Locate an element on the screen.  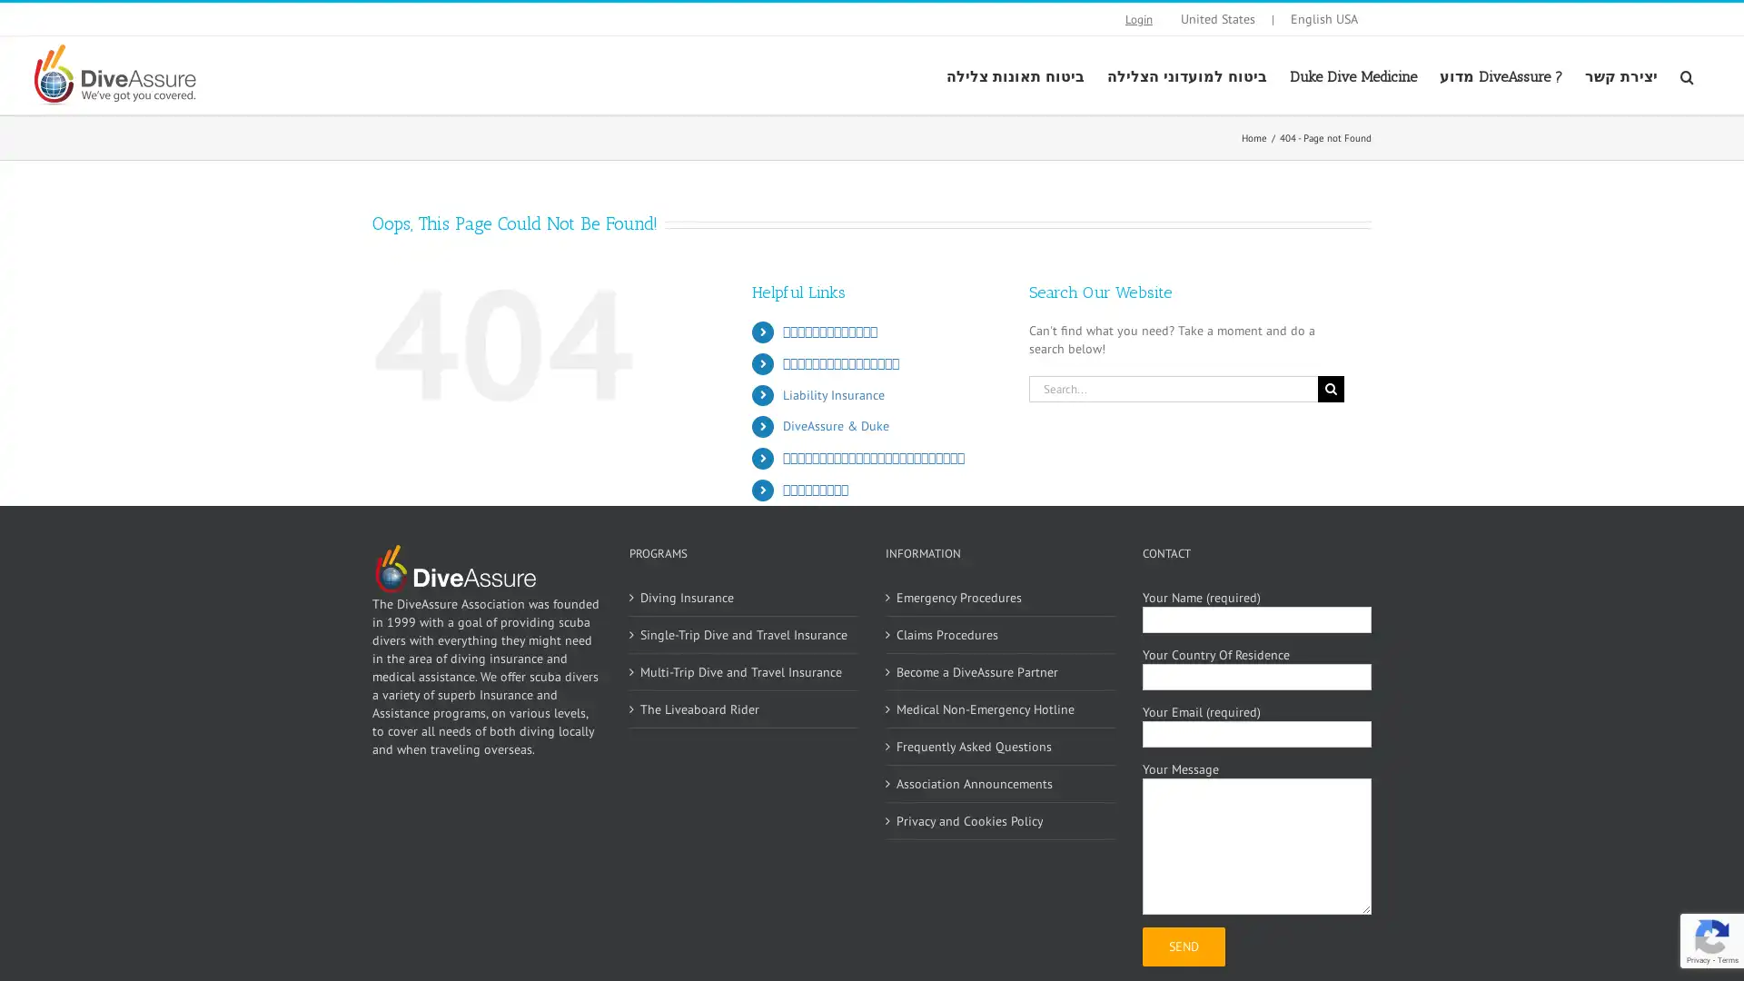
Send is located at coordinates (1183, 945).